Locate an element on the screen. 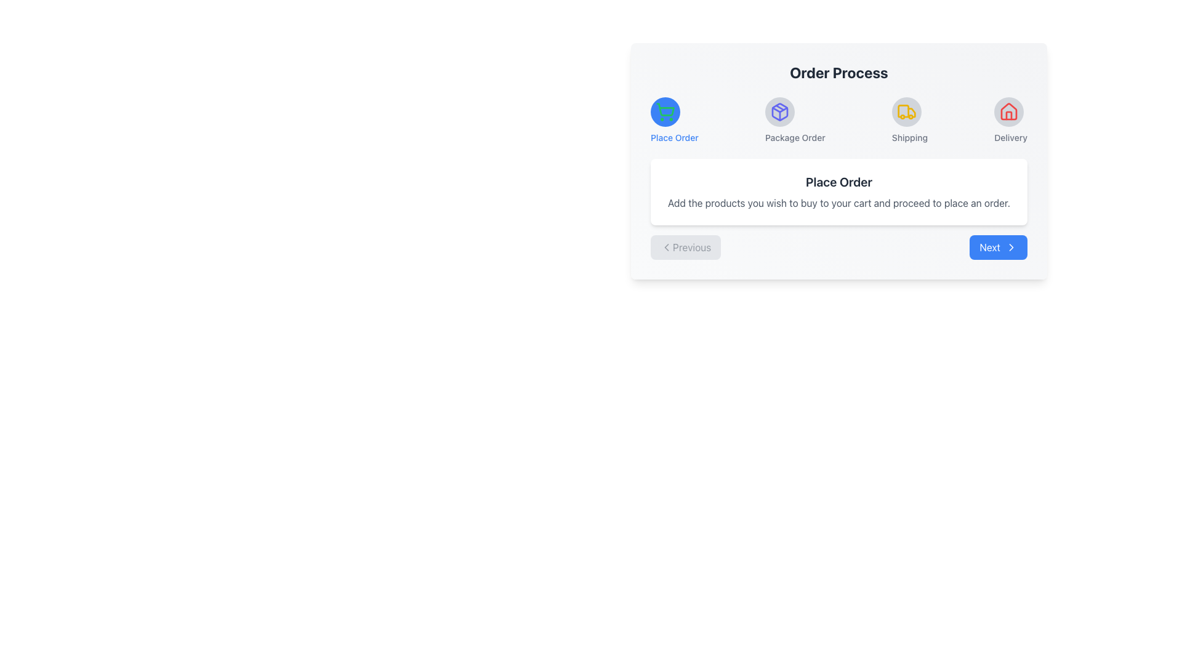 The width and height of the screenshot is (1182, 665). the visual progression of the process by focusing on the Navigation bar located below the 'Order Process' heading, which serves as a progress indicator for the stages of the order process is located at coordinates (838, 121).